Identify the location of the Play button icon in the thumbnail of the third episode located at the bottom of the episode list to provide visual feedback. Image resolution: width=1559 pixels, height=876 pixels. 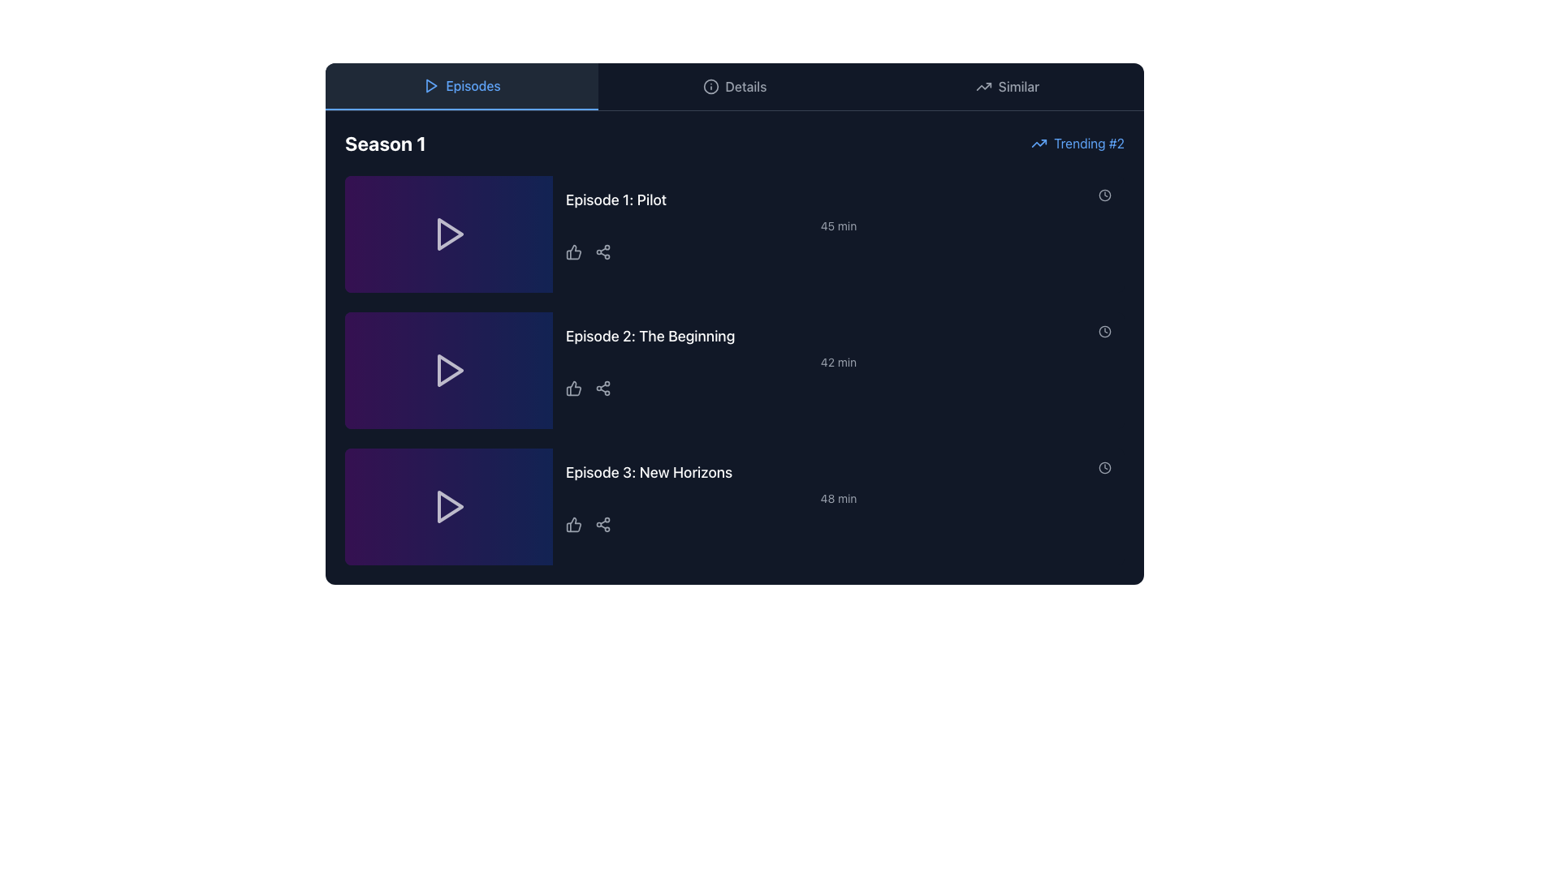
(451, 505).